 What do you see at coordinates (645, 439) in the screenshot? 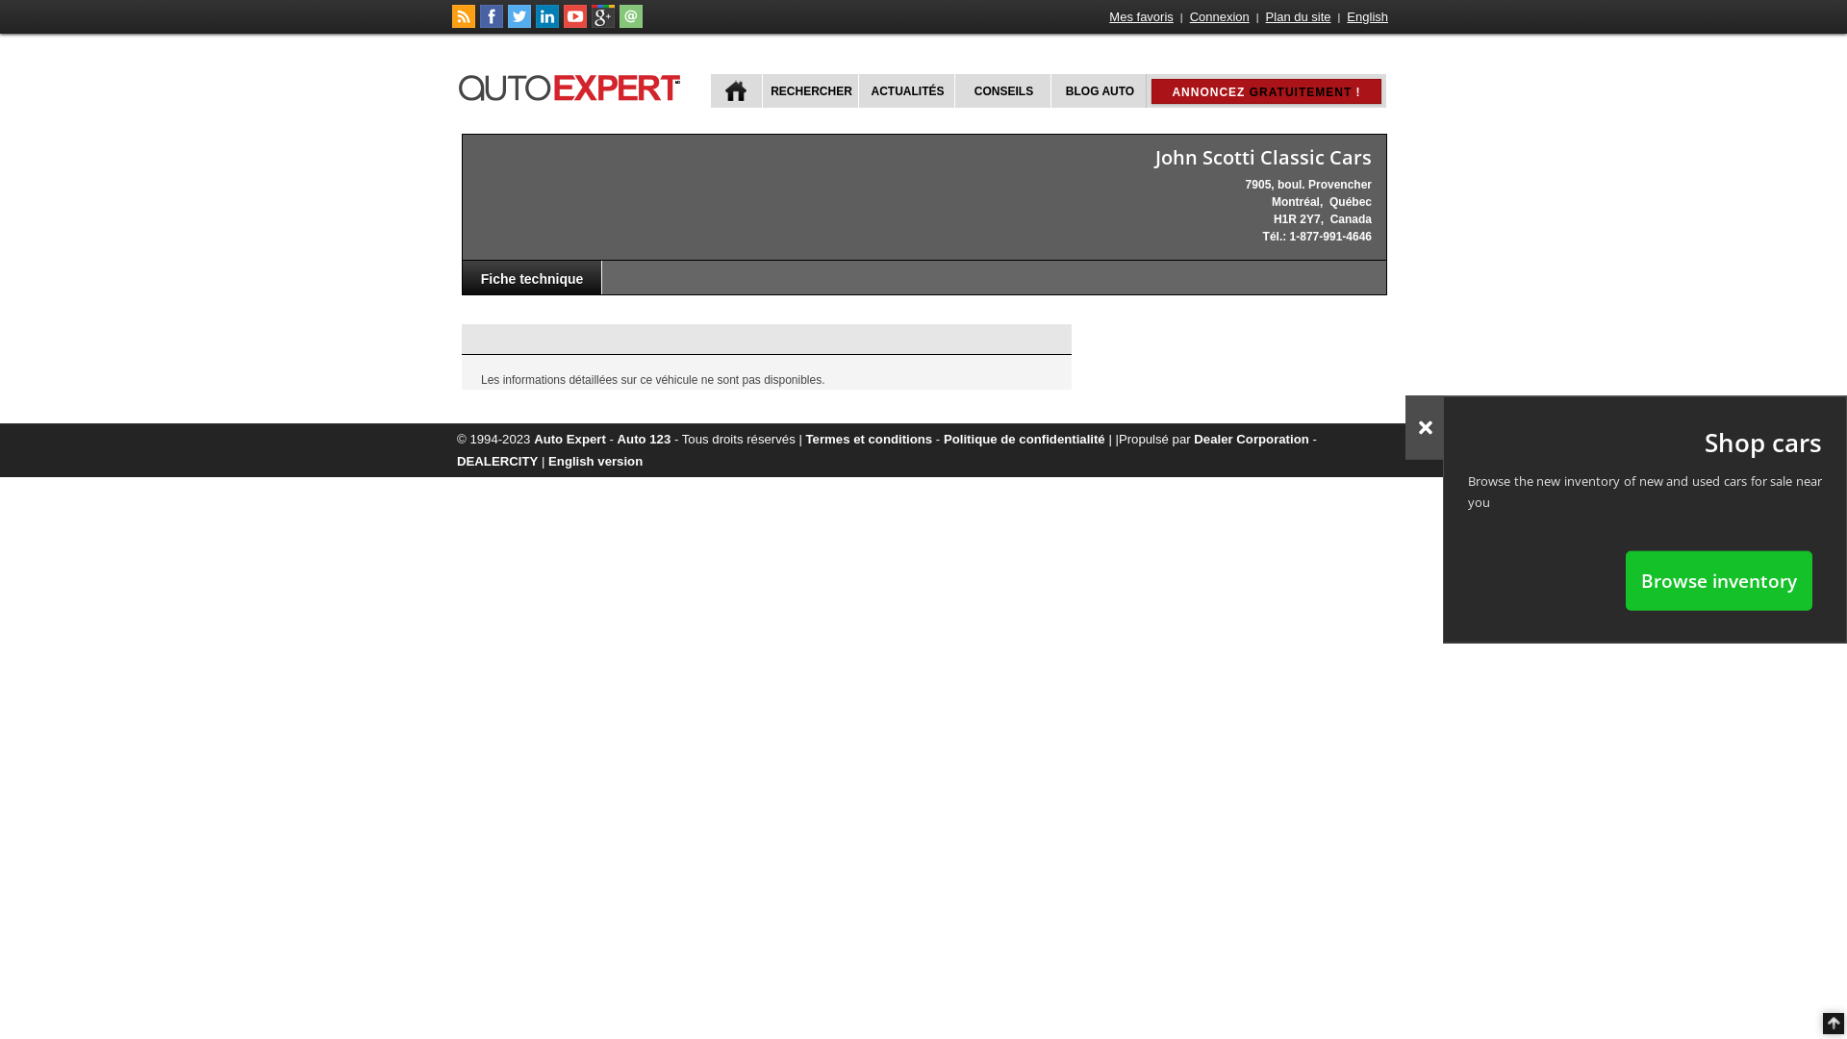
I see `'Auto 123'` at bounding box center [645, 439].